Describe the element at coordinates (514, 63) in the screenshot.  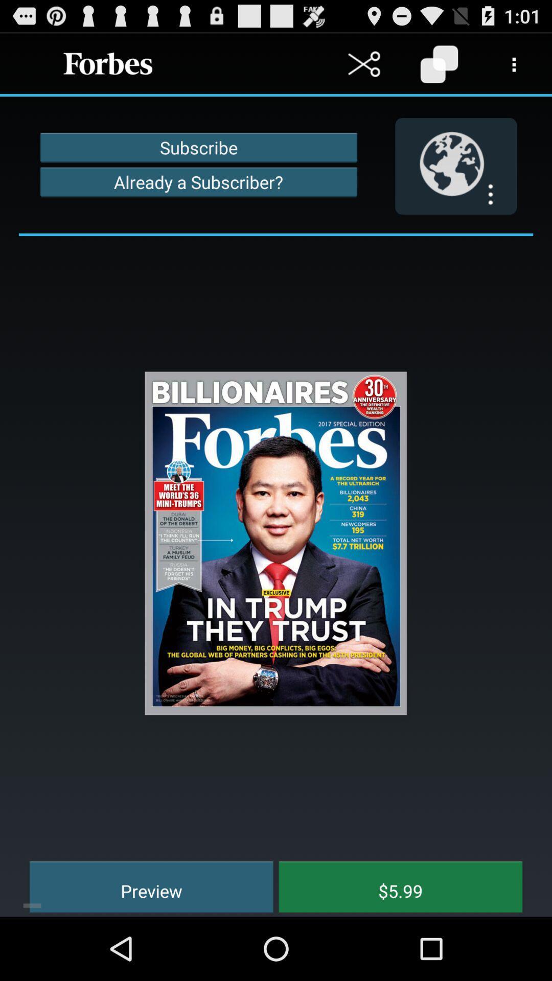
I see `other options` at that location.